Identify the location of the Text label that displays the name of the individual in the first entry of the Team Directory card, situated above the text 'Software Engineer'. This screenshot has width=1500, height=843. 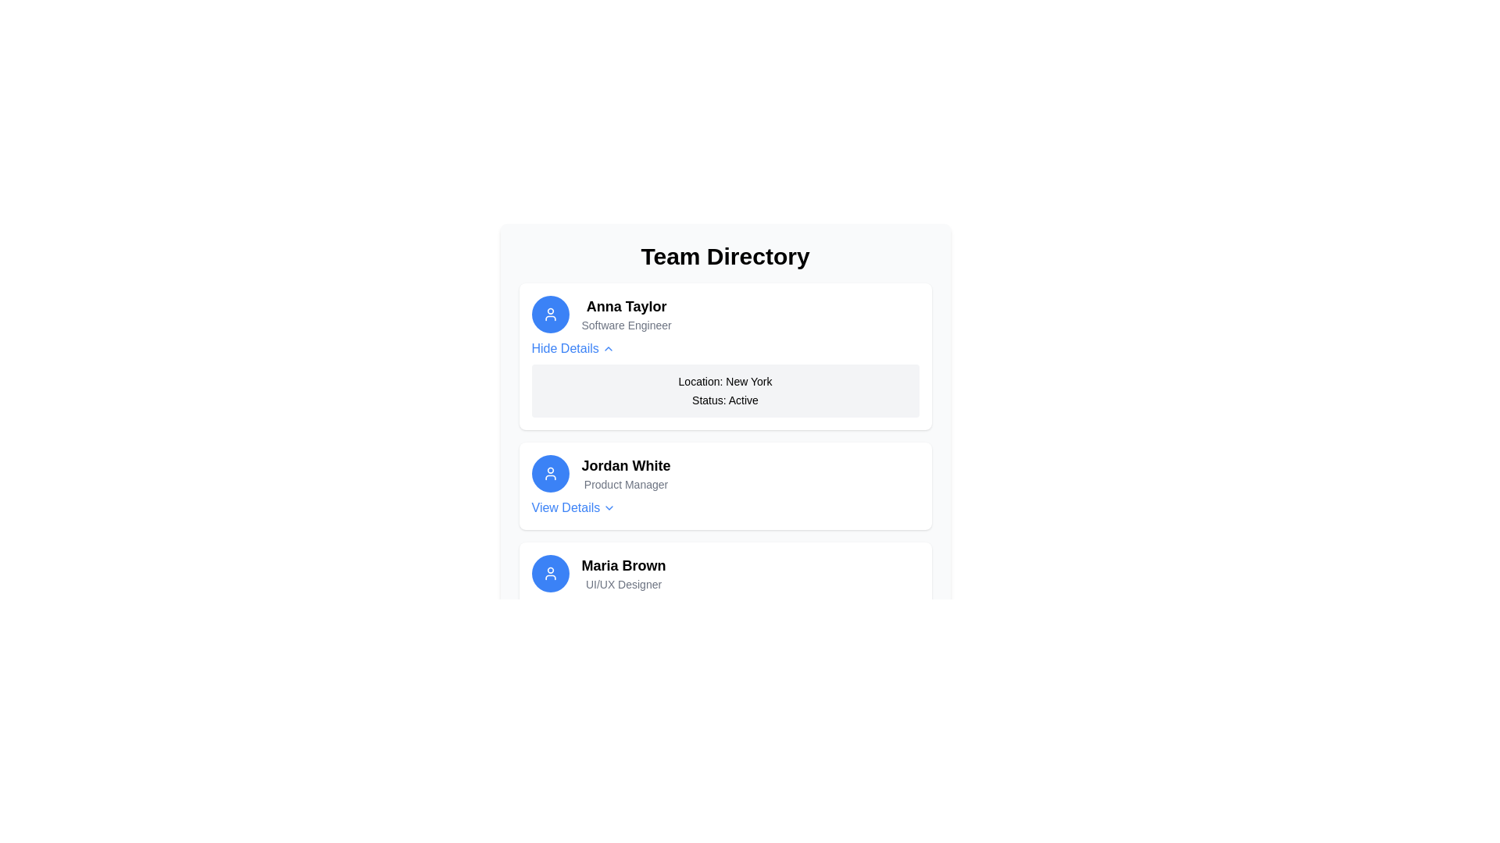
(627, 307).